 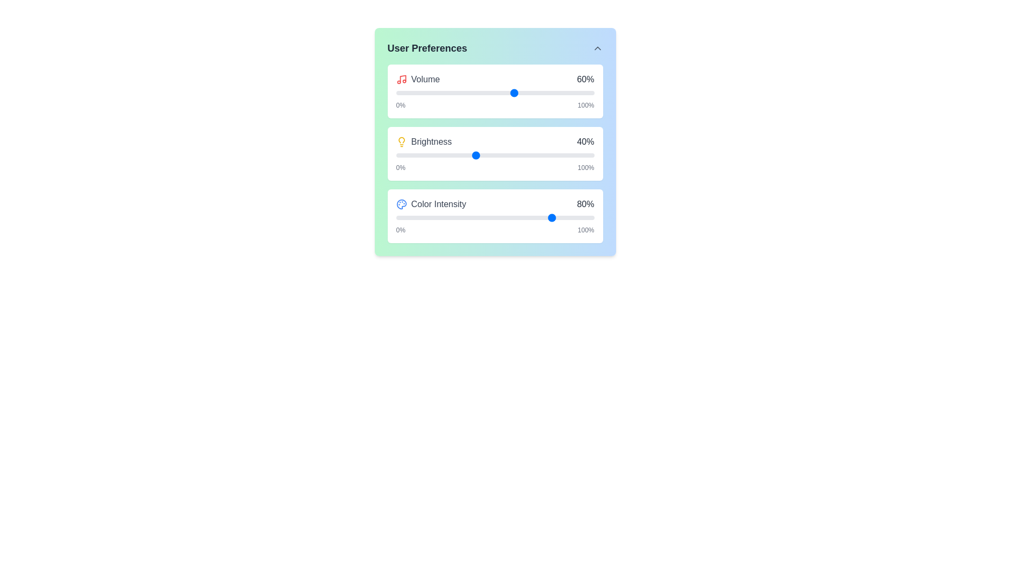 I want to click on the Color Intensity, so click(x=568, y=218).